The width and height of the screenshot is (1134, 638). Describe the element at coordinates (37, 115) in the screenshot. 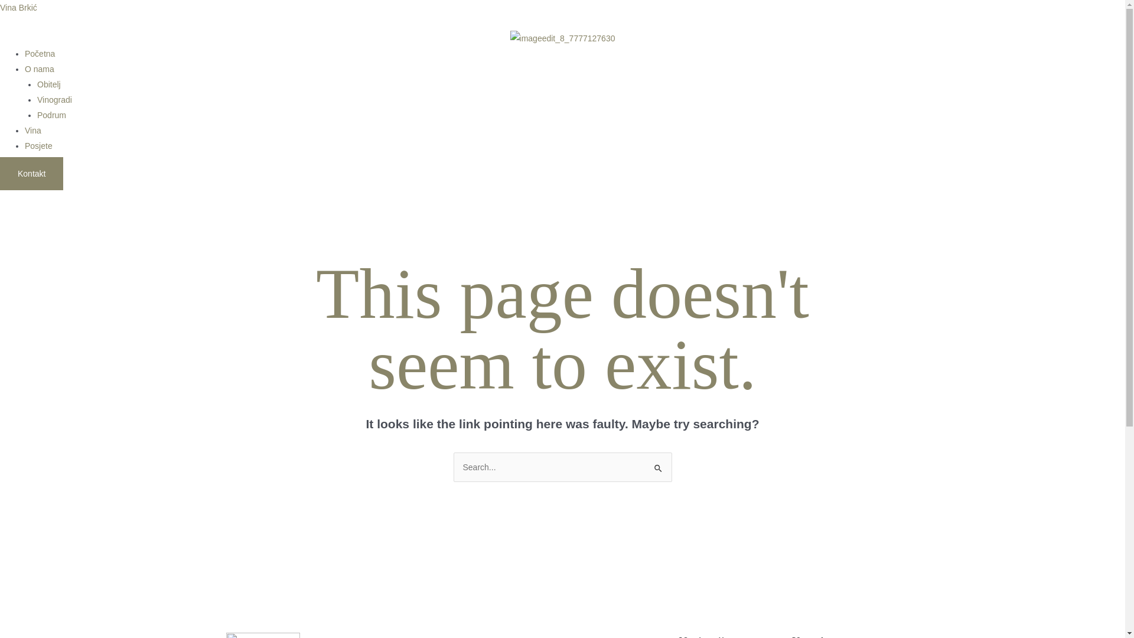

I see `'Podrum'` at that location.